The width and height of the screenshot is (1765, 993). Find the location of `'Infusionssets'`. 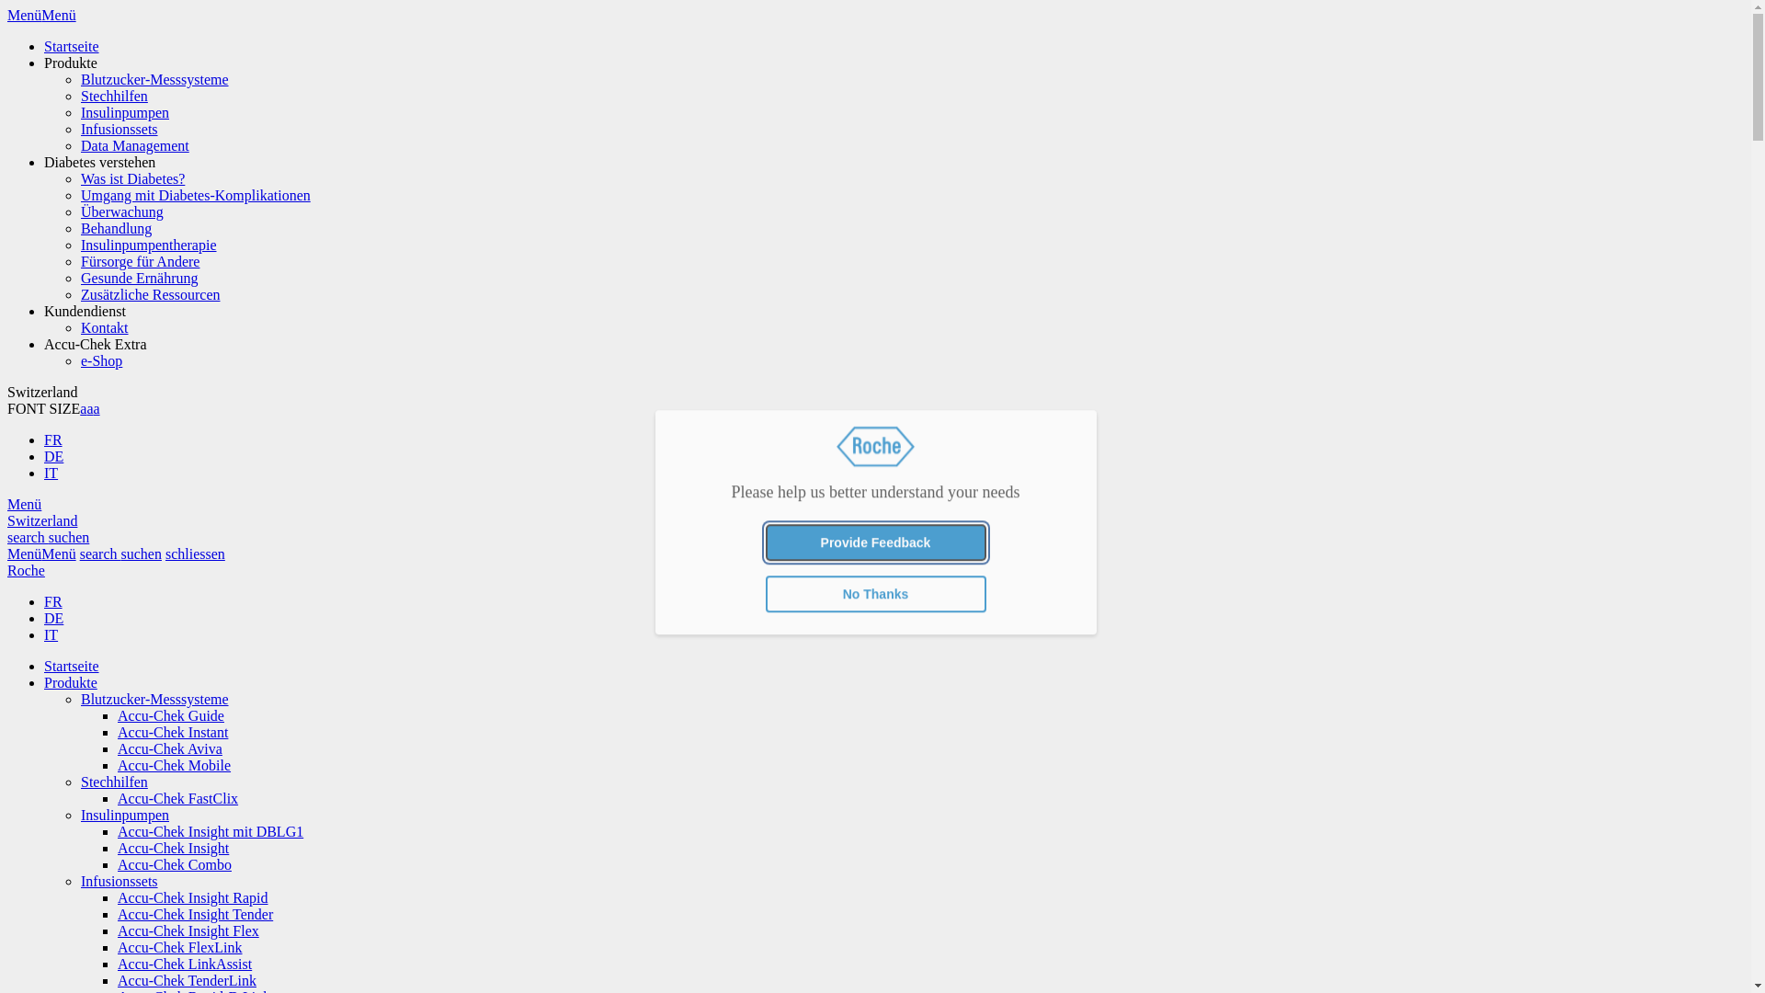

'Infusionssets' is located at coordinates (118, 128).